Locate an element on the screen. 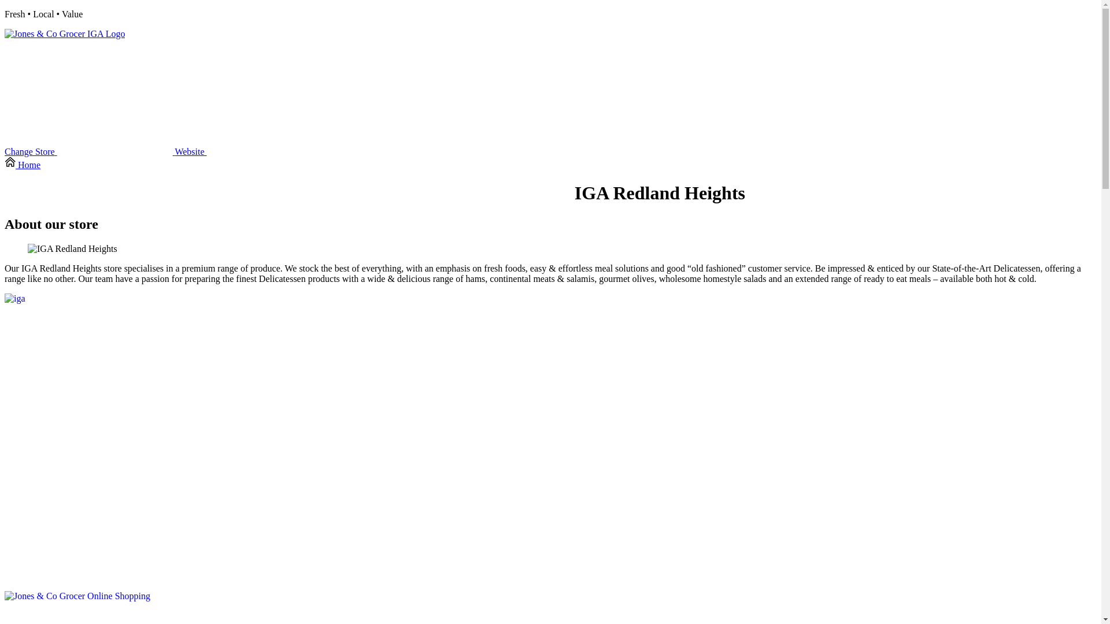 The image size is (1110, 624). 'click to go to this online store home page' is located at coordinates (64, 33).